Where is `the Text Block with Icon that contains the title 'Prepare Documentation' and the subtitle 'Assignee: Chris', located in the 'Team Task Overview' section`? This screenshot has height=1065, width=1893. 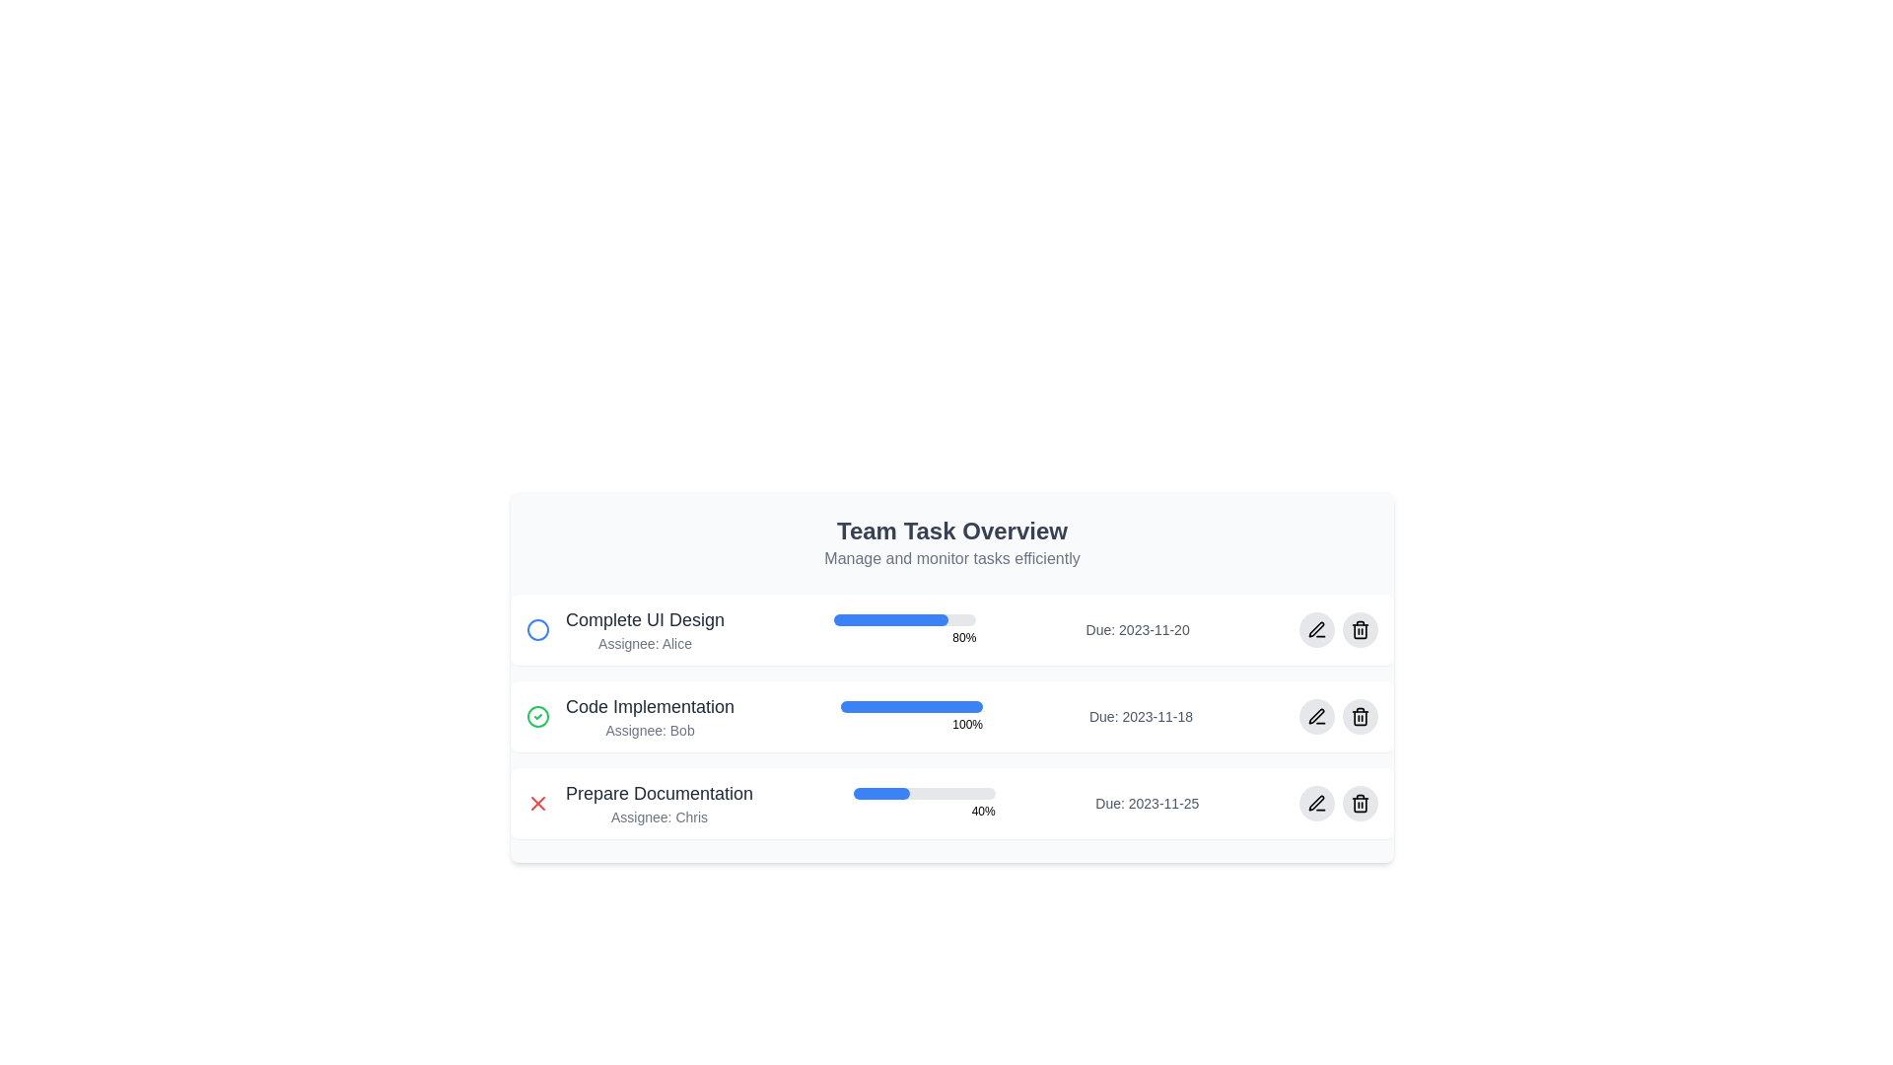 the Text Block with Icon that contains the title 'Prepare Documentation' and the subtitle 'Assignee: Chris', located in the 'Team Task Overview' section is located at coordinates (639, 803).